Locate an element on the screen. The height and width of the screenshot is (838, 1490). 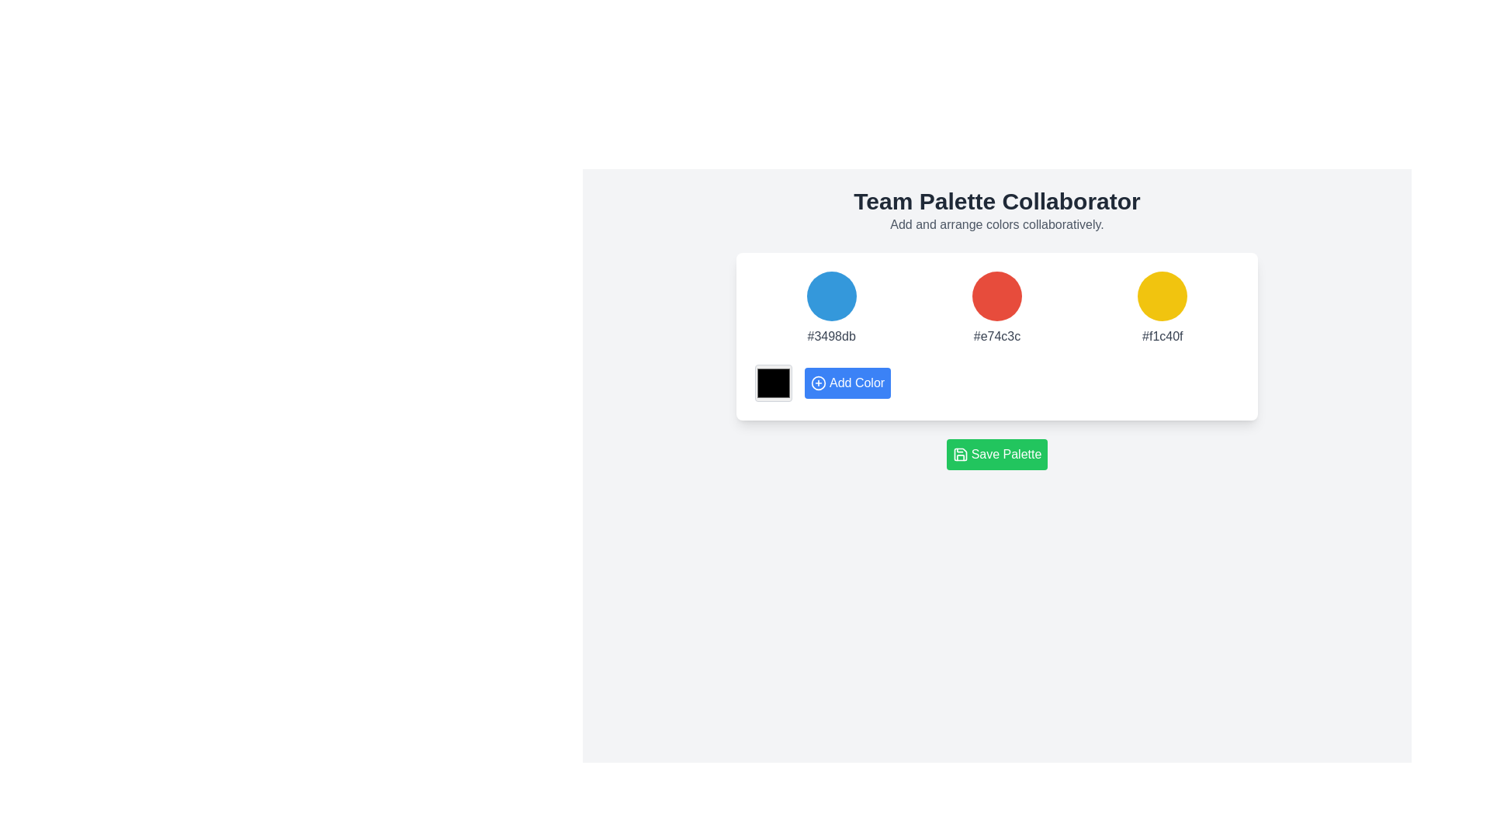
the Text block that serves as the title and description for the interface, located near the top center of the layout, above other components is located at coordinates (997, 211).